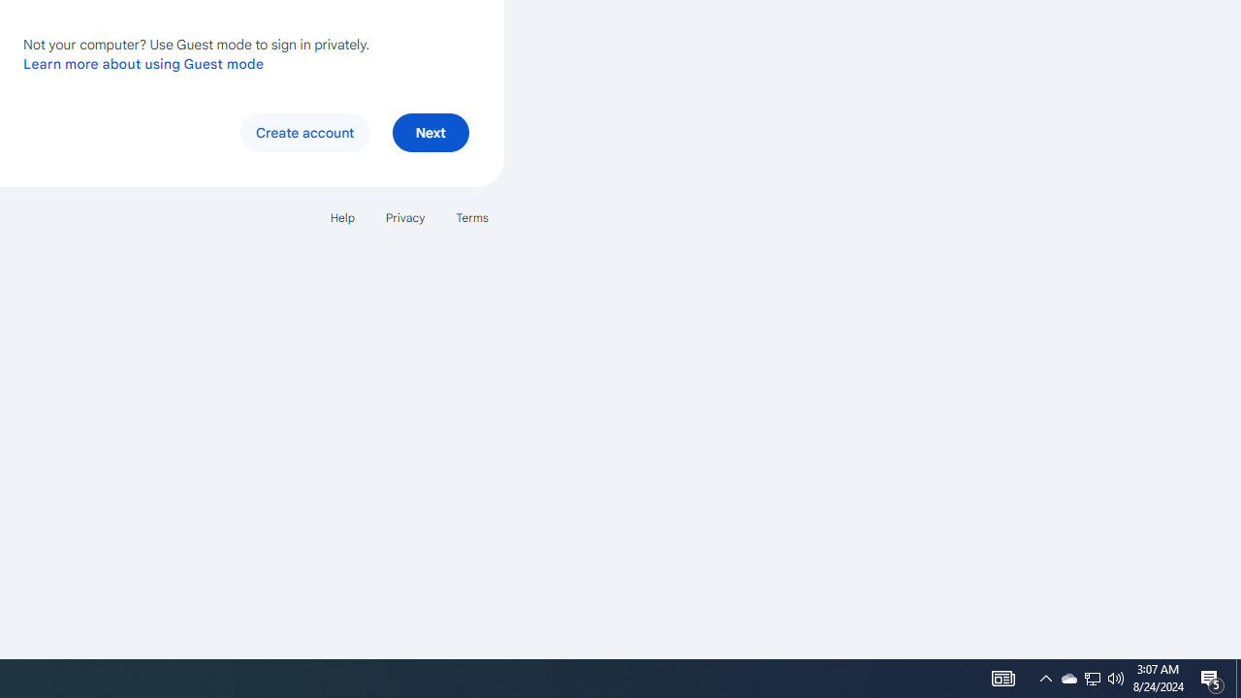  I want to click on 'Next', so click(430, 131).